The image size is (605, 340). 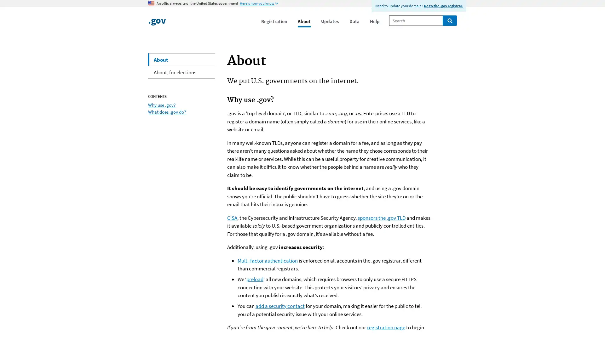 I want to click on Here's how you know, so click(x=259, y=3).